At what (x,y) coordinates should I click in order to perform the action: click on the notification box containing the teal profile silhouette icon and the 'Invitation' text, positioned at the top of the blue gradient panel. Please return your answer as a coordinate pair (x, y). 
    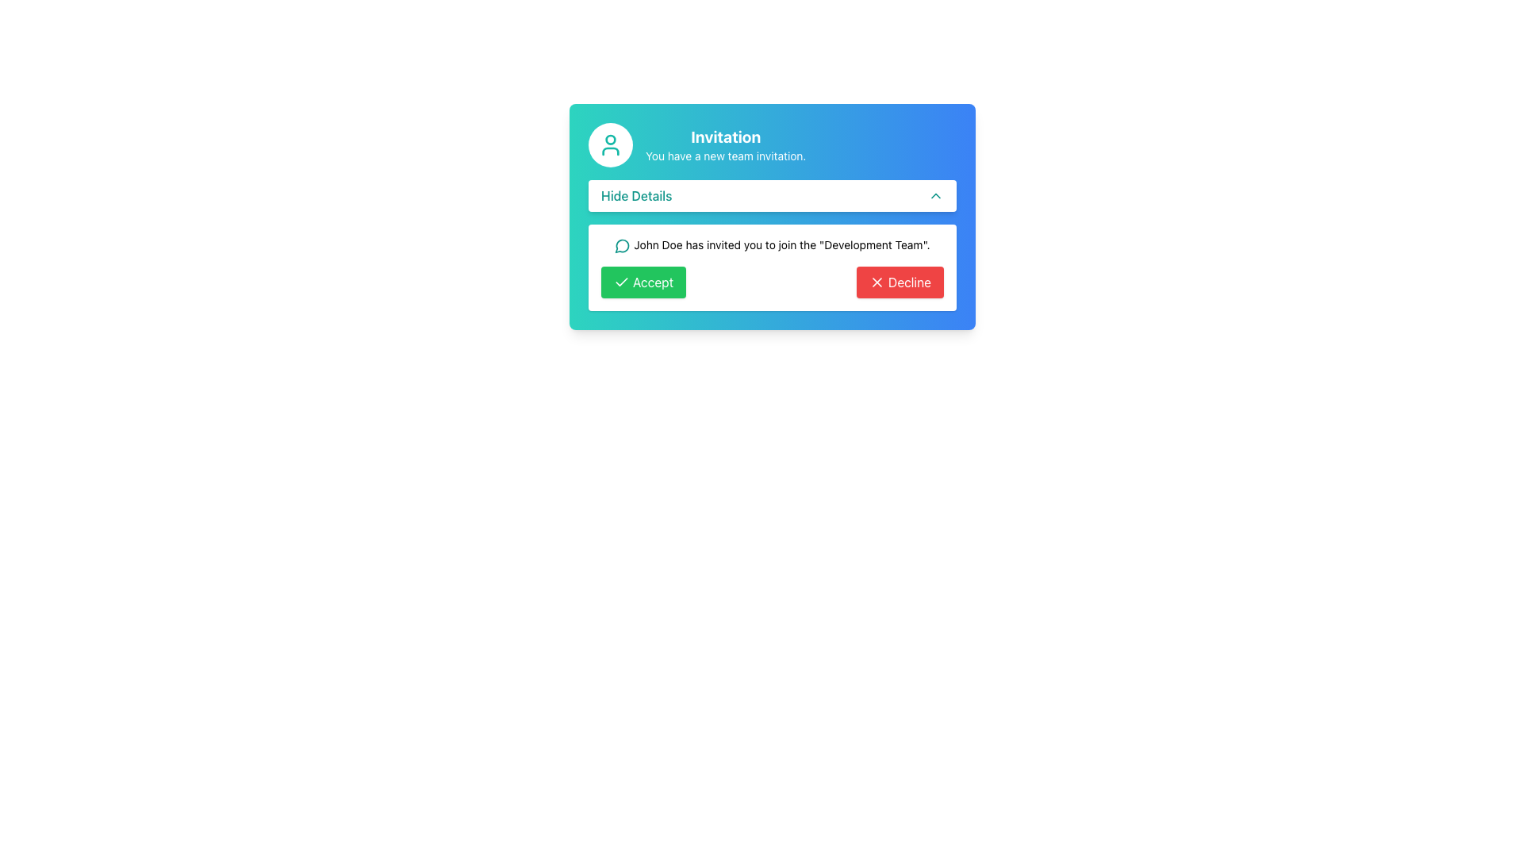
    Looking at the image, I should click on (773, 144).